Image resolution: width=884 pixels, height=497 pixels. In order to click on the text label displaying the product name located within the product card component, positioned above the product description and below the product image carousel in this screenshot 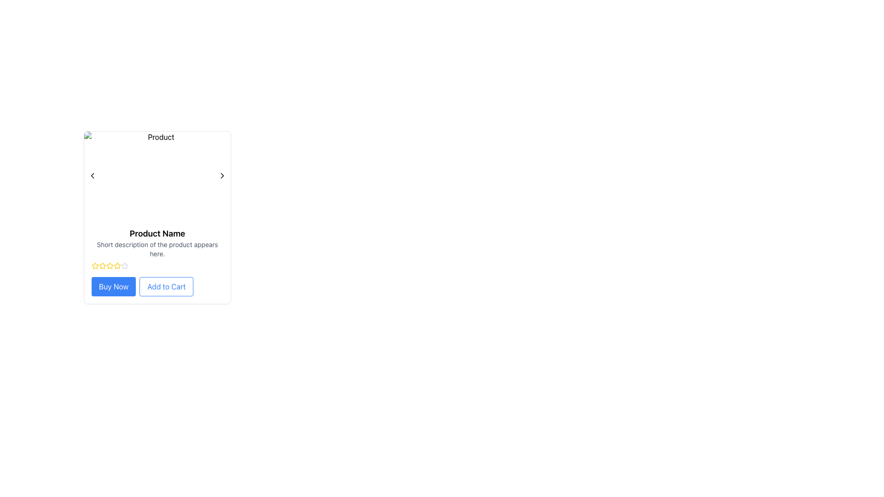, I will do `click(157, 233)`.